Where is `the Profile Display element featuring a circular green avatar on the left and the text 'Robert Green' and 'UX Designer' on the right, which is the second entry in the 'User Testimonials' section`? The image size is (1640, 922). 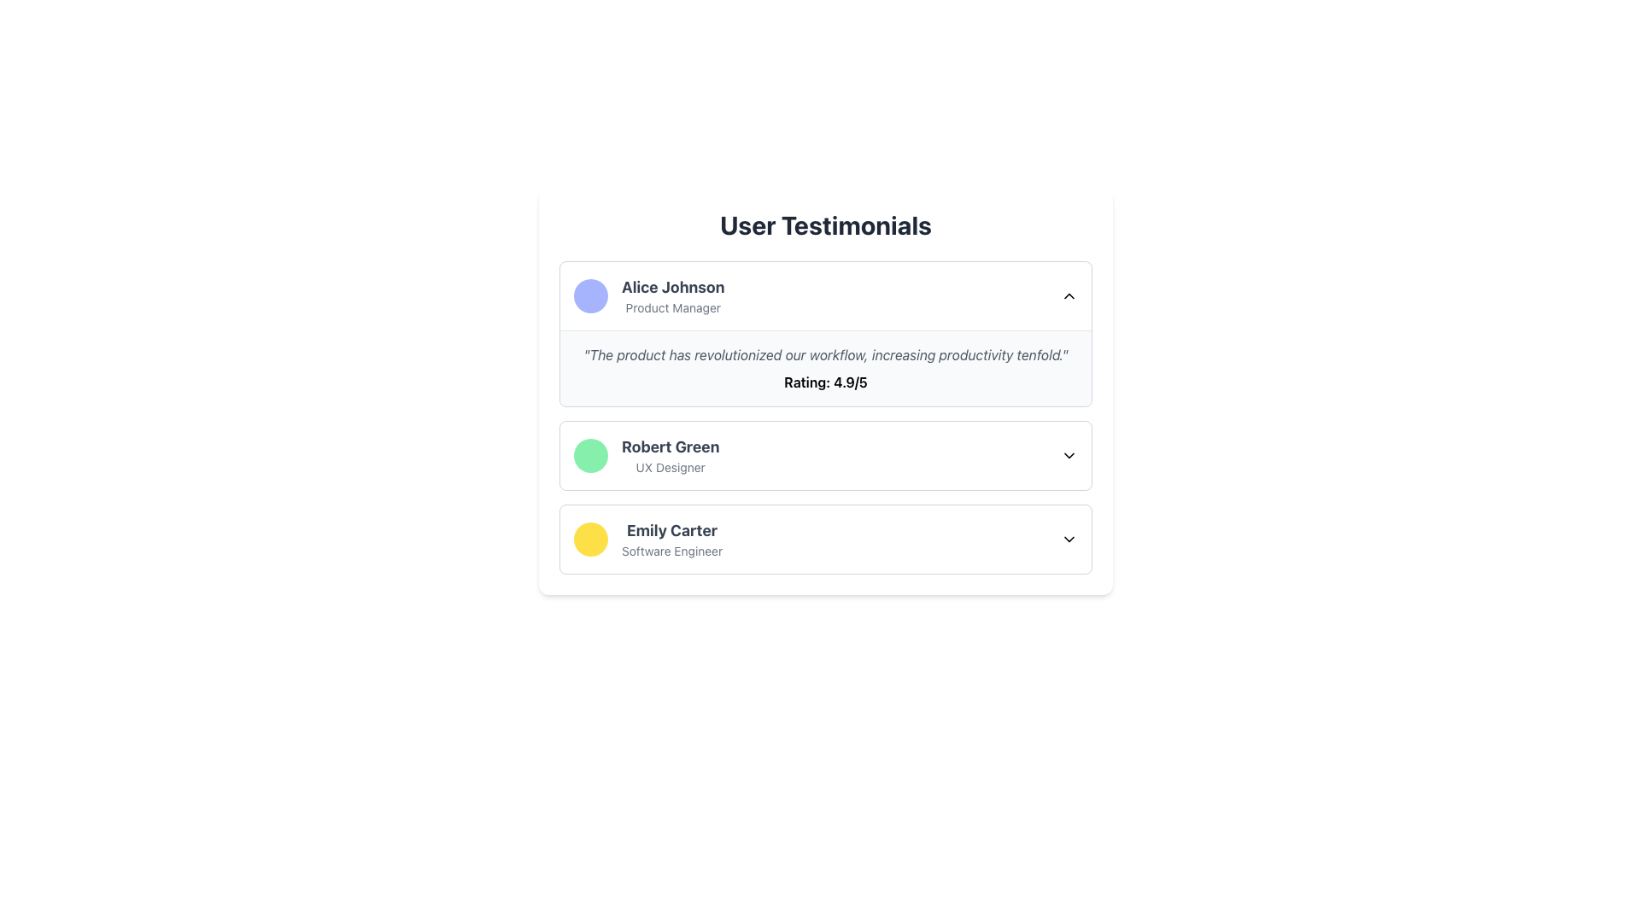
the Profile Display element featuring a circular green avatar on the left and the text 'Robert Green' and 'UX Designer' on the right, which is the second entry in the 'User Testimonials' section is located at coordinates (646, 454).